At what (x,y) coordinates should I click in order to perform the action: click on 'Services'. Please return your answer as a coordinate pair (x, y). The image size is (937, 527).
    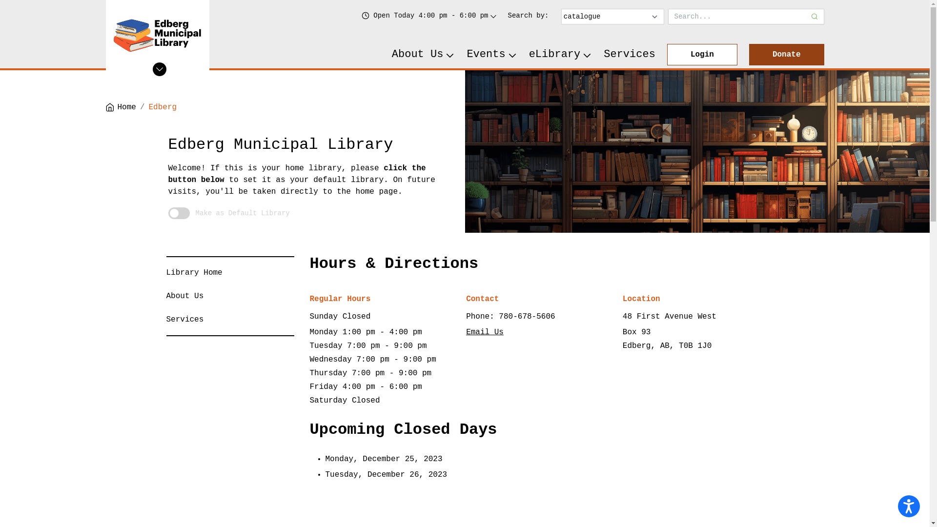
    Looking at the image, I should click on (630, 54).